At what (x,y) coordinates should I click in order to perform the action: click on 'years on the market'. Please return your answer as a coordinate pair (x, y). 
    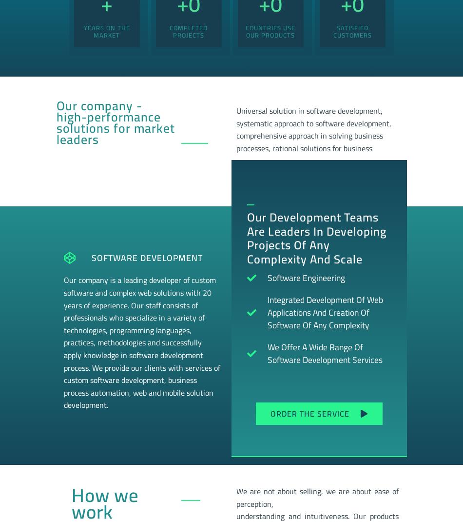
    Looking at the image, I should click on (106, 30).